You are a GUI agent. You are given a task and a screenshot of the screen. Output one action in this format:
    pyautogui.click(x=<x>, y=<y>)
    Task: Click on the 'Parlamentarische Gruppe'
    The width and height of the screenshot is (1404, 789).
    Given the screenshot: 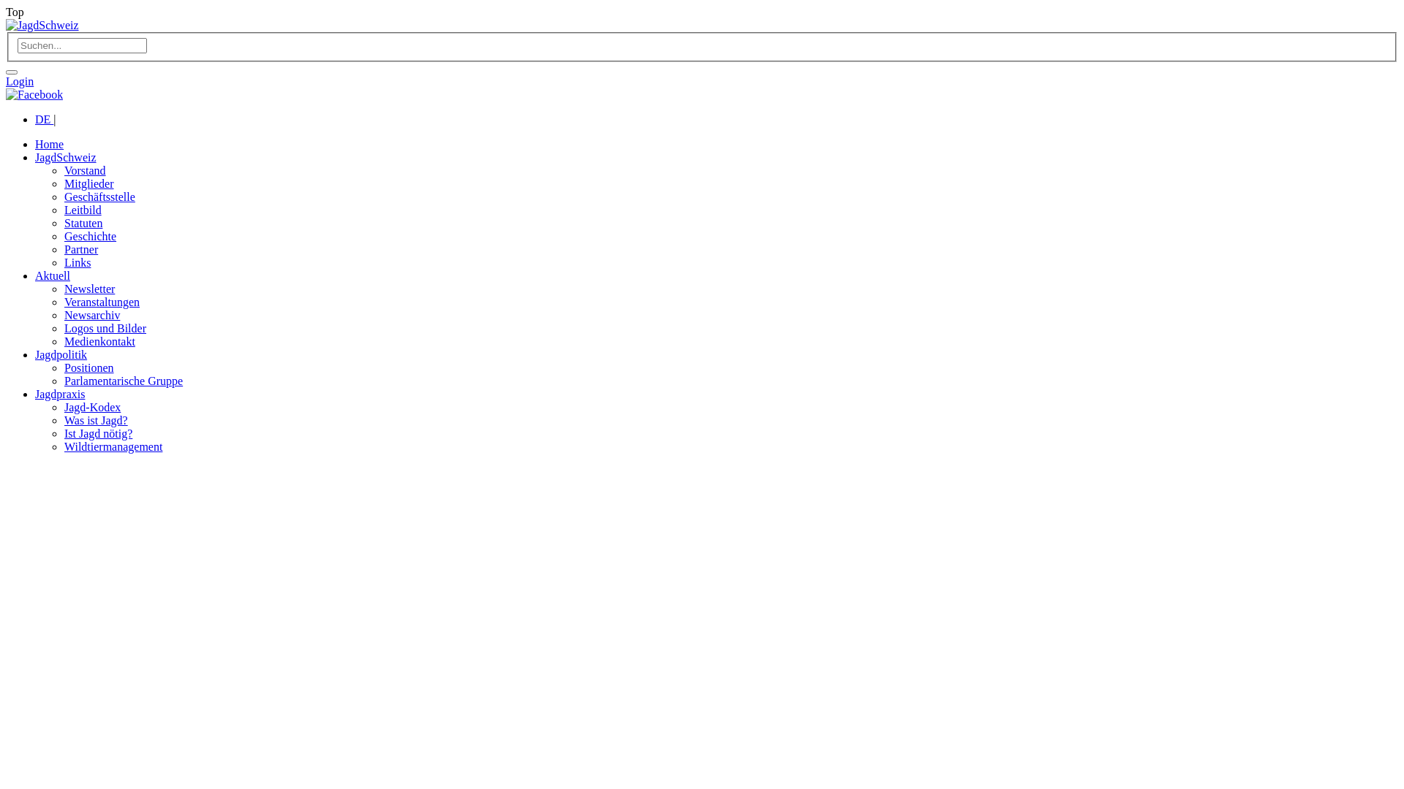 What is the action you would take?
    pyautogui.click(x=123, y=380)
    